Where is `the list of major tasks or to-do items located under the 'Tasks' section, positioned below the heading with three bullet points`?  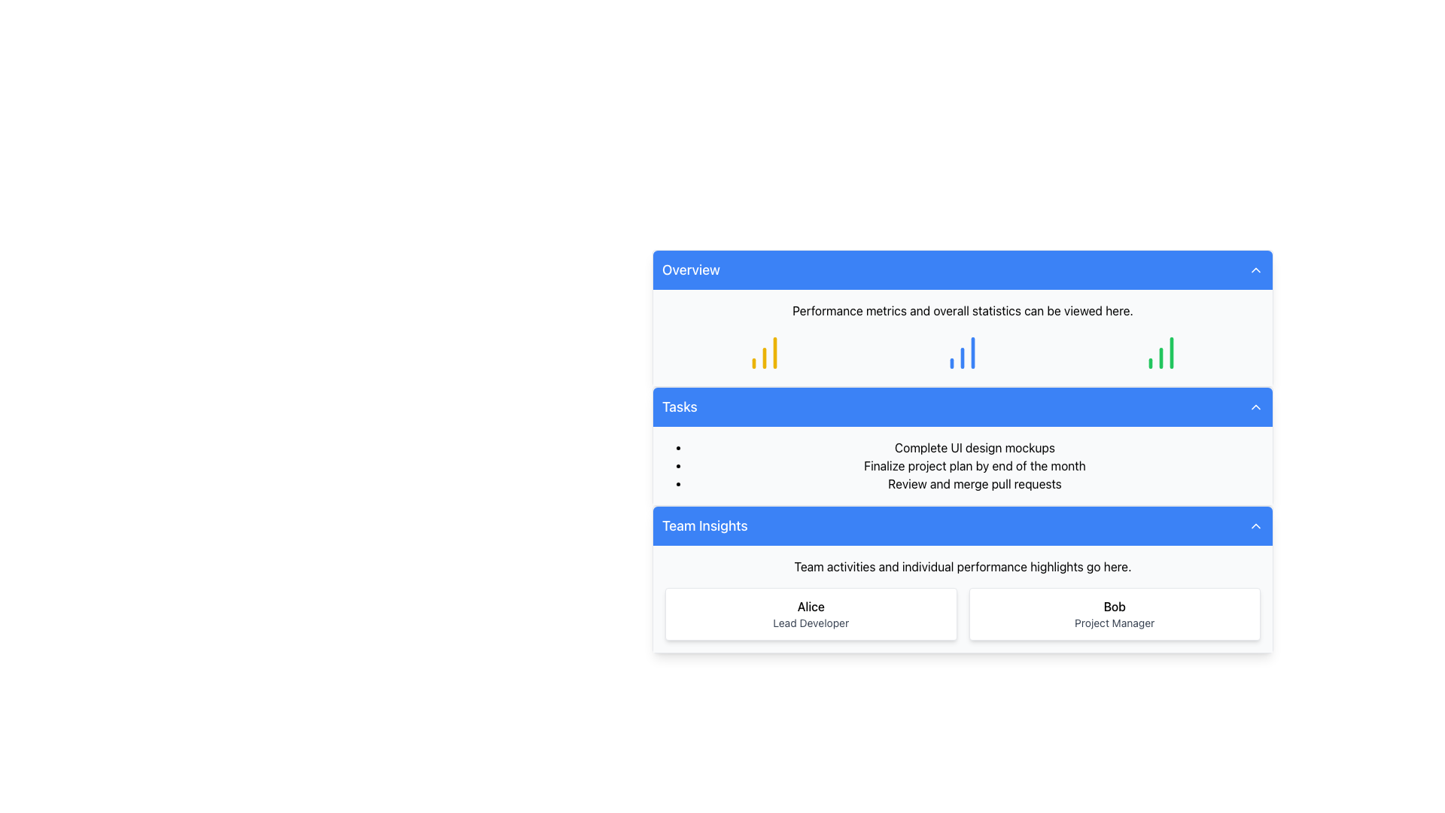 the list of major tasks or to-do items located under the 'Tasks' section, positioned below the heading with three bullet points is located at coordinates (962, 464).